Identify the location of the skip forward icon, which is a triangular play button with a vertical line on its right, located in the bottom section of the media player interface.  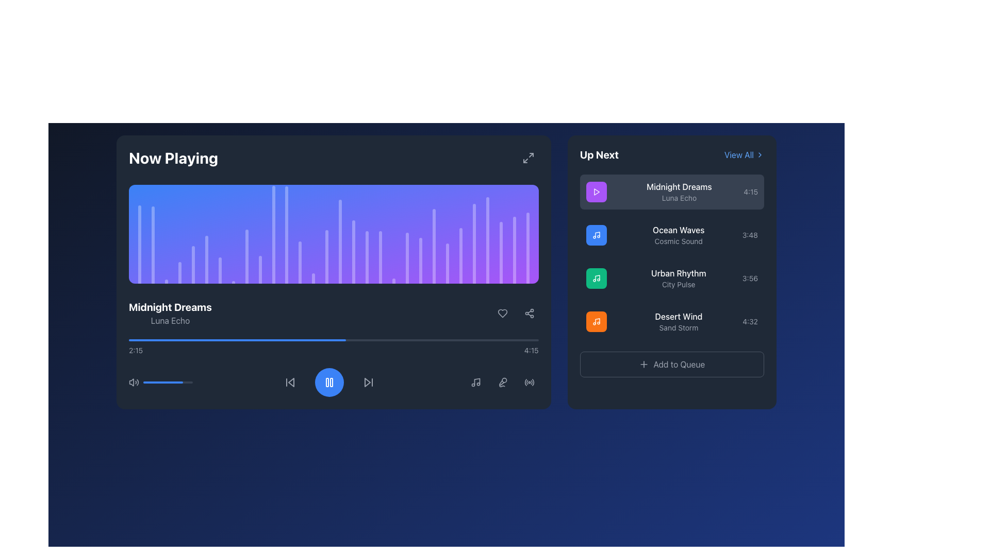
(369, 383).